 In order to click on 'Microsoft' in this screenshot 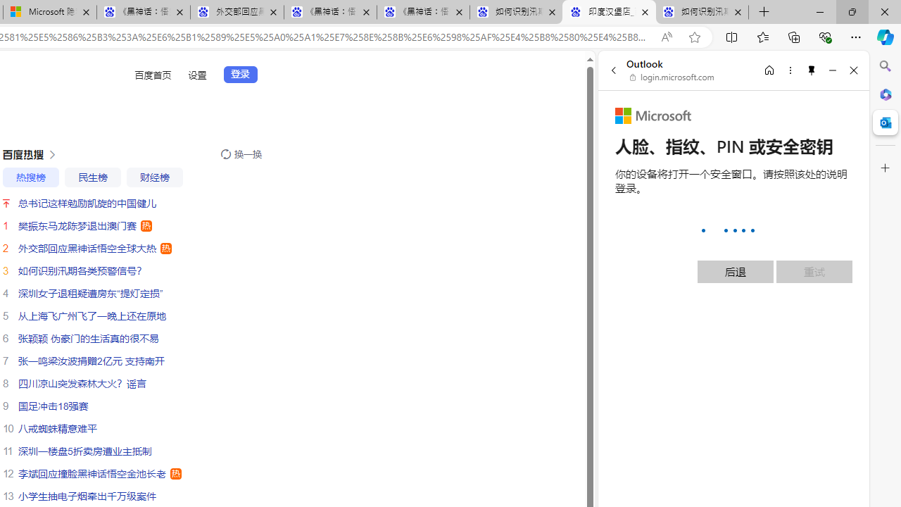, I will do `click(653, 115)`.